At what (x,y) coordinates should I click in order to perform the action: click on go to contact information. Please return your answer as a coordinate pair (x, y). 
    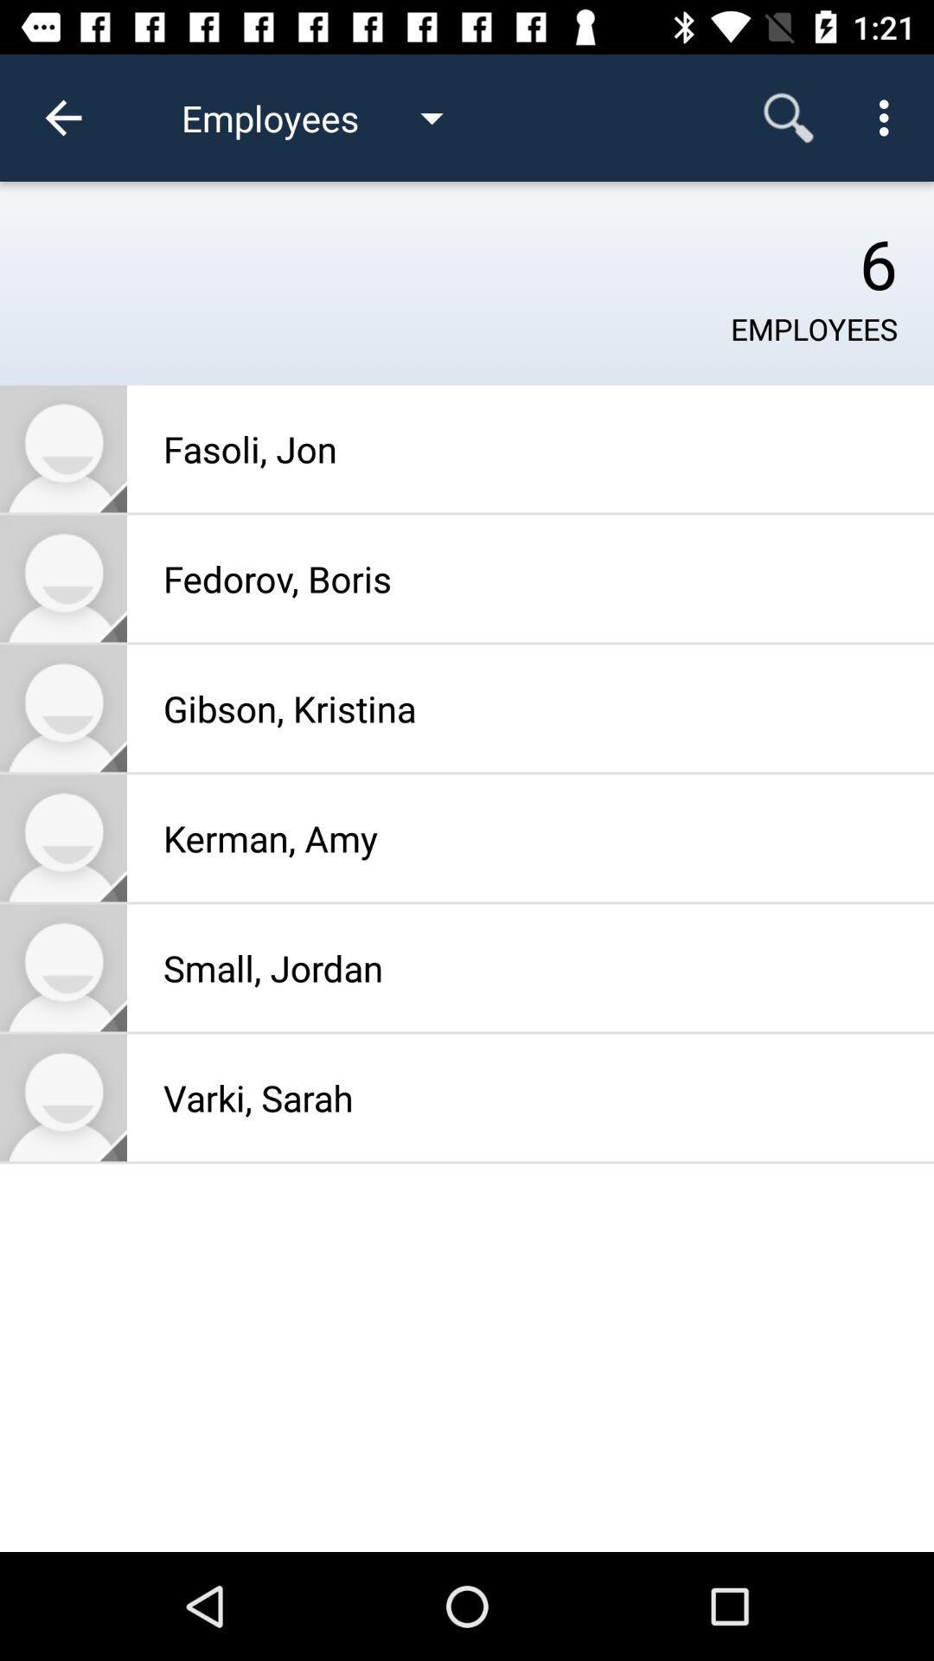
    Looking at the image, I should click on (62, 966).